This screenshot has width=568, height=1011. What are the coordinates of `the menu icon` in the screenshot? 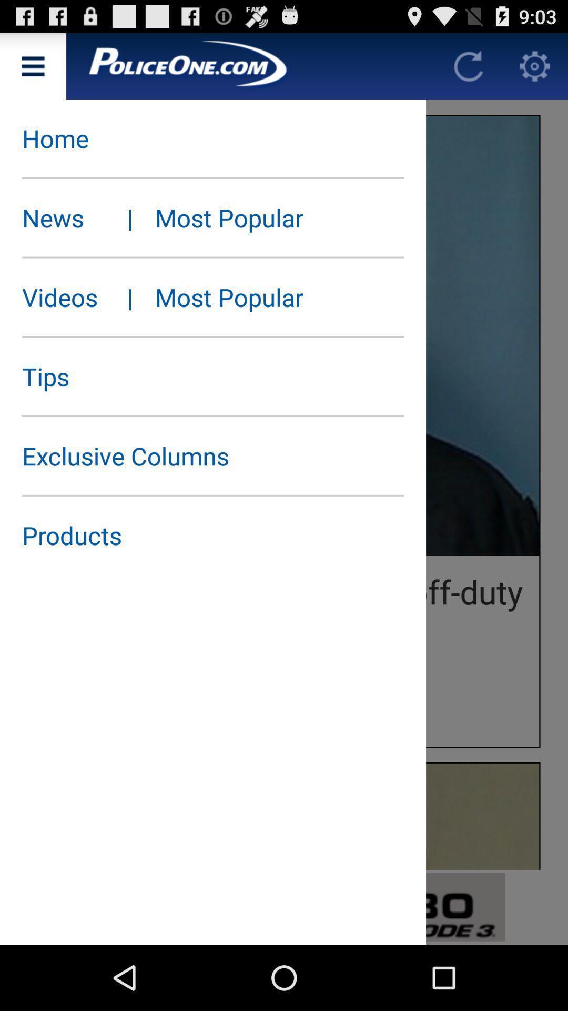 It's located at (32, 70).